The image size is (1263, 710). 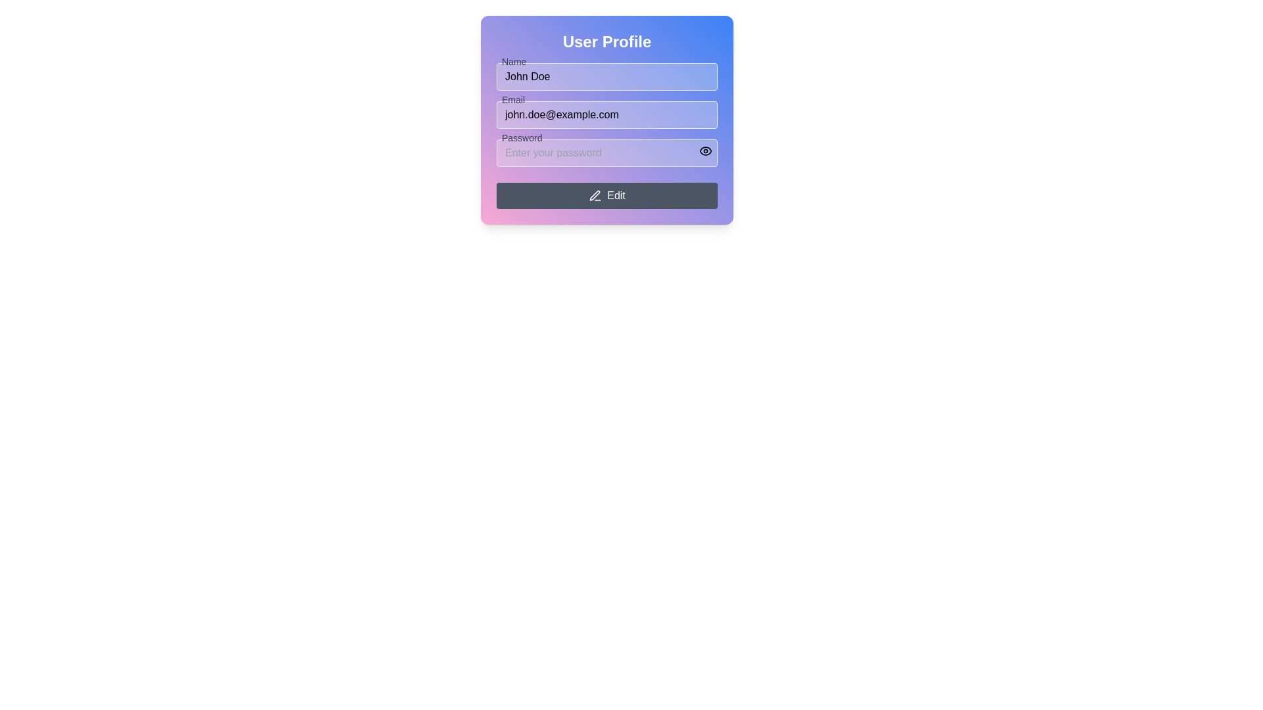 I want to click on header text labeled 'User Profile', which is styled with large bold white font and located at the top-center of the colorful card, so click(x=606, y=41).